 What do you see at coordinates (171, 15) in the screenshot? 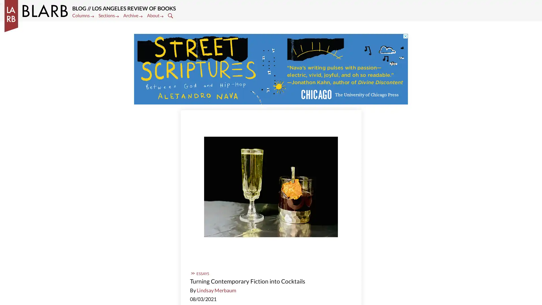
I see `Submit` at bounding box center [171, 15].